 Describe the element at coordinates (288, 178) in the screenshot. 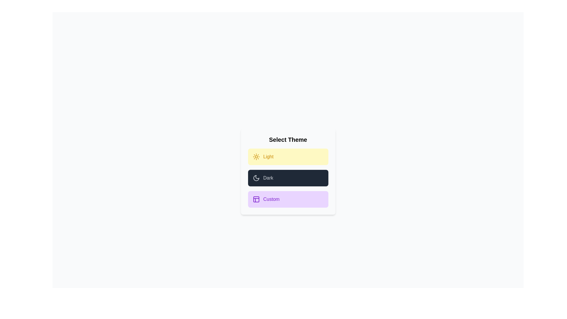

I see `the dark rectangular button labeled 'Dark' with a moon icon, positioned in the 'Select Theme' section for accessibility navigation` at that location.